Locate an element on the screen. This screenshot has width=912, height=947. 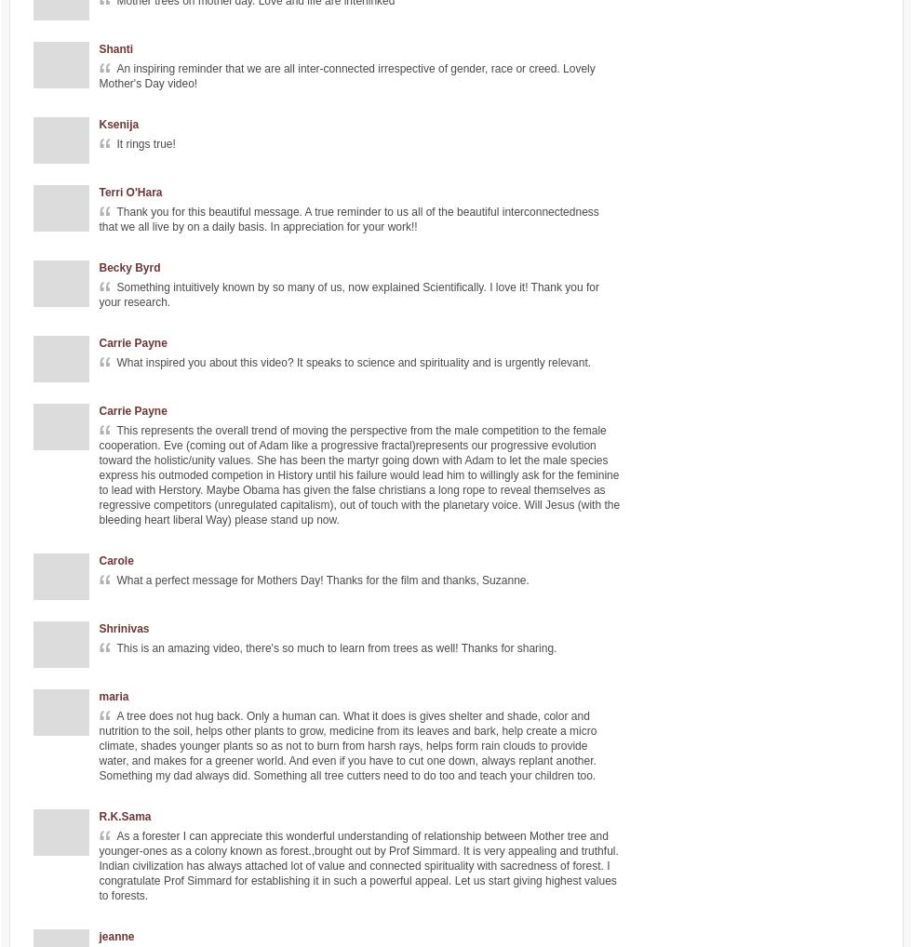
'Thank you for this beautiful message. A true reminder to us all of the beautiful interconnectedness that we all live by on a daily basis. In appreciation for your work!!' is located at coordinates (99, 218).